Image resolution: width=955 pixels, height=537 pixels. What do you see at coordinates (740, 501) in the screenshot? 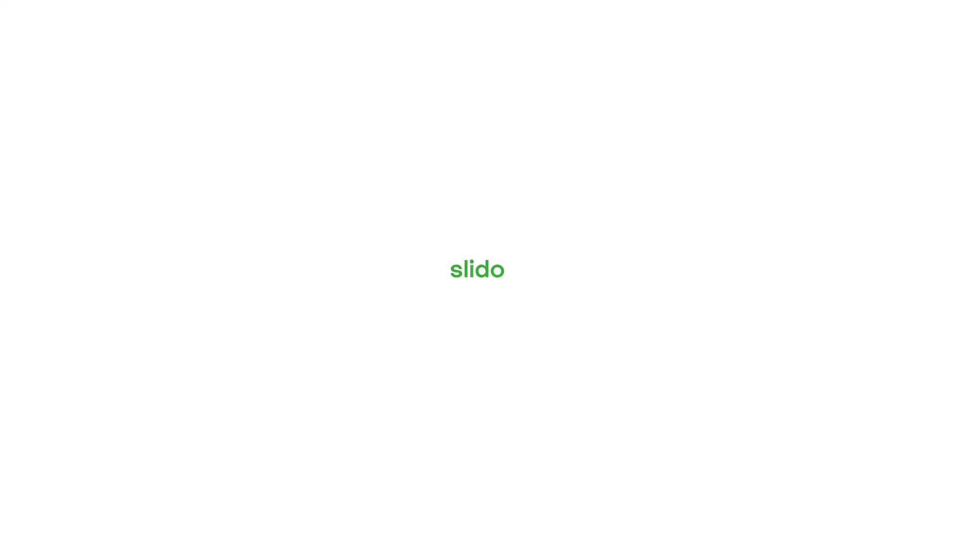
I see `Reply` at bounding box center [740, 501].